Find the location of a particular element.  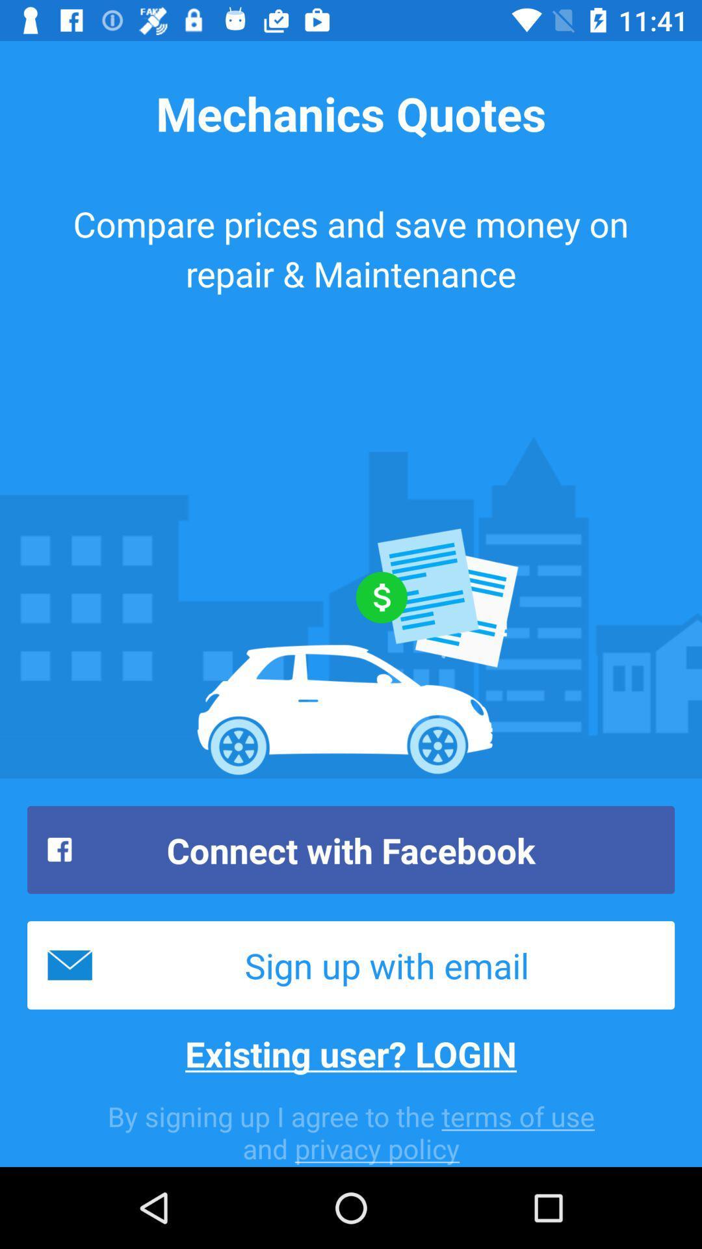

the existing user? login icon is located at coordinates (351, 1053).